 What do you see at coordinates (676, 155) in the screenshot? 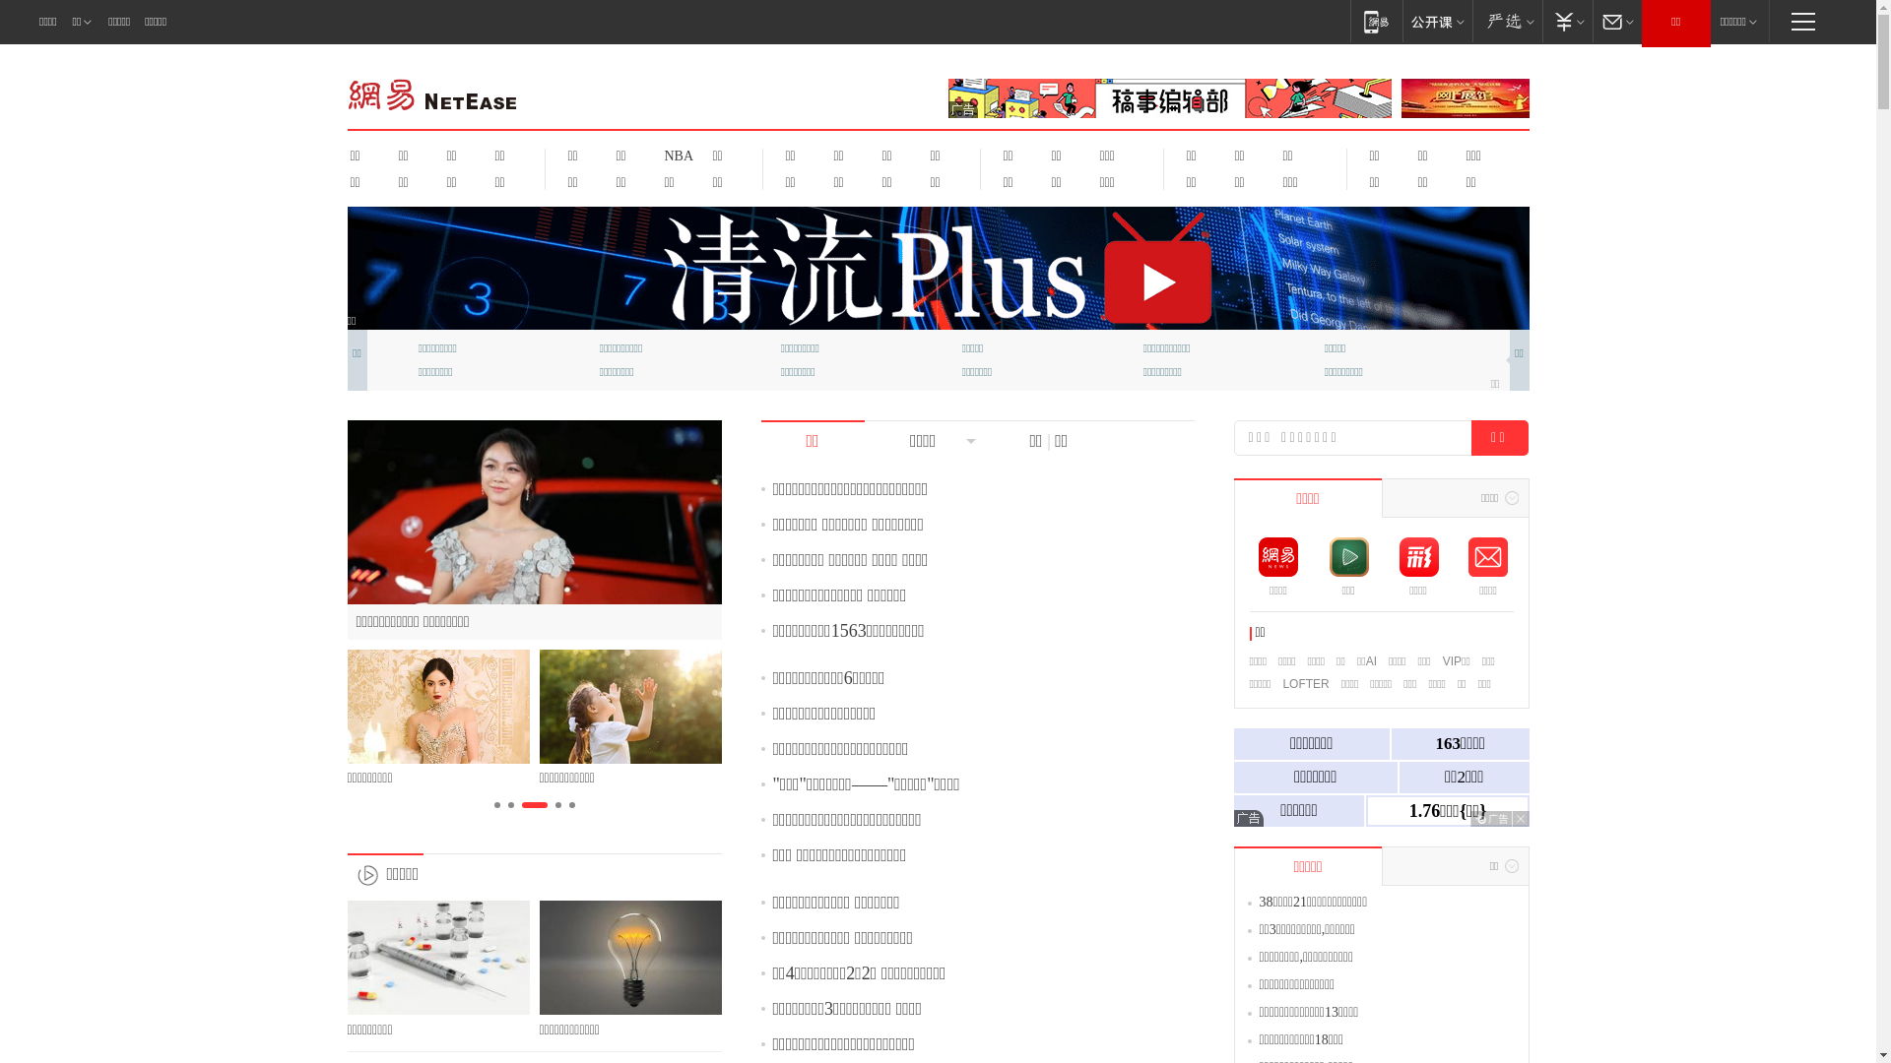
I see `'NBA'` at bounding box center [676, 155].